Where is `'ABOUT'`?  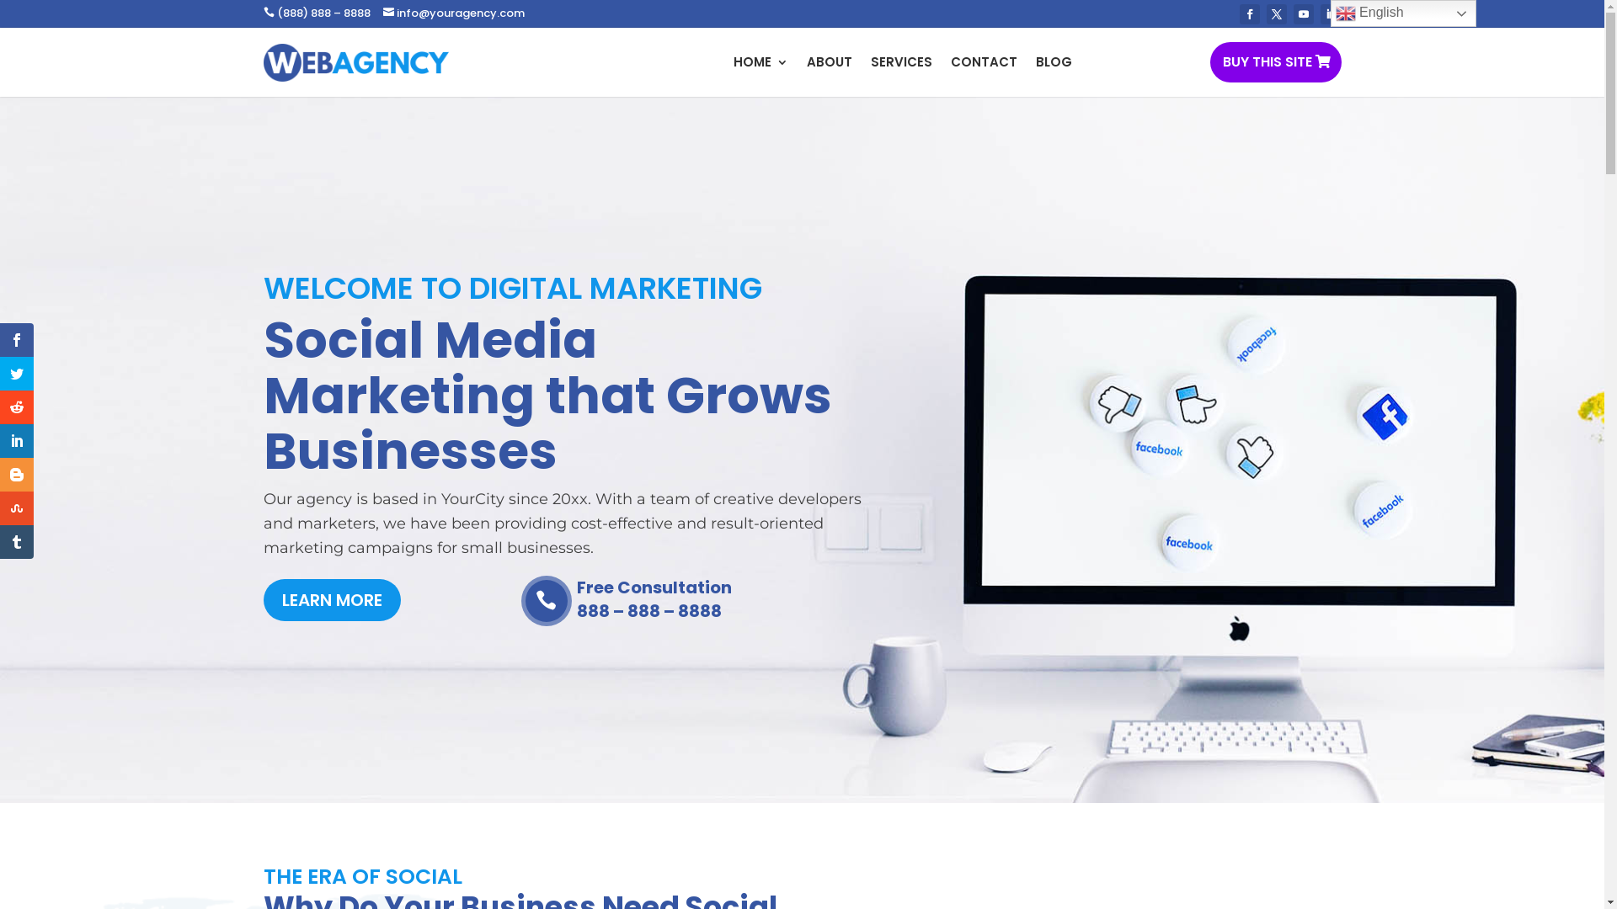
'ABOUT' is located at coordinates (829, 61).